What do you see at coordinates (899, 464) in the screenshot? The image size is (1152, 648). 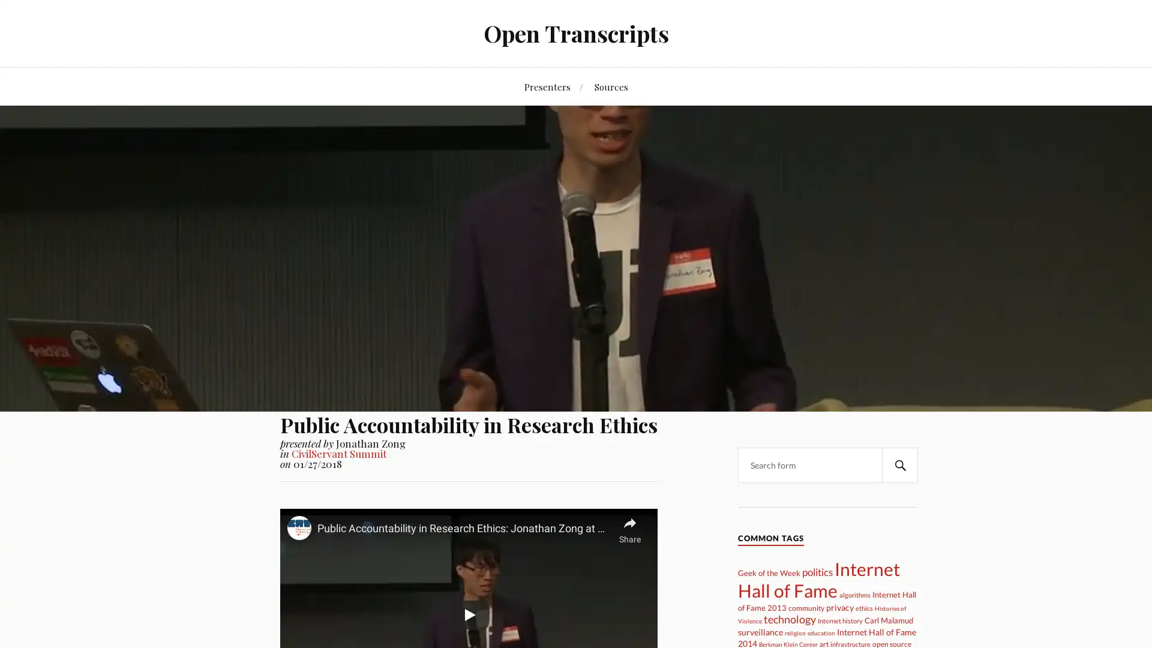 I see `Search` at bounding box center [899, 464].